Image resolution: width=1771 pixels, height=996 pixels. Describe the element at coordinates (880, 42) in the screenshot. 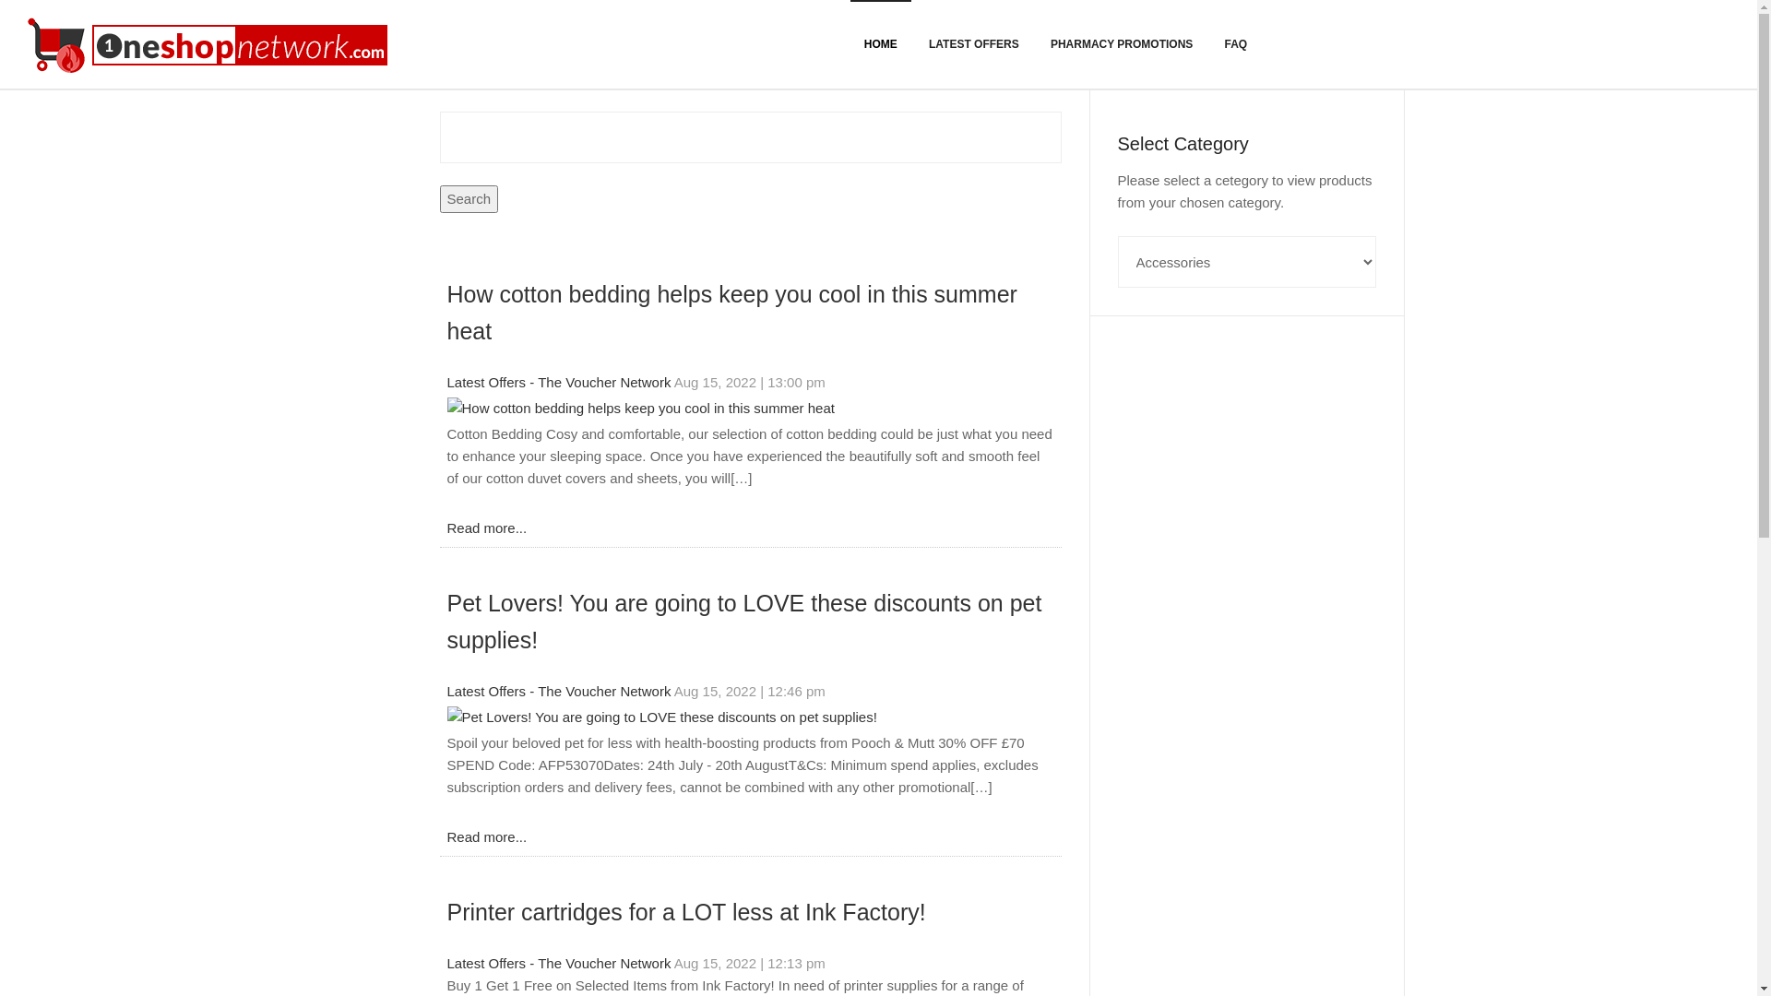

I see `'HOME'` at that location.